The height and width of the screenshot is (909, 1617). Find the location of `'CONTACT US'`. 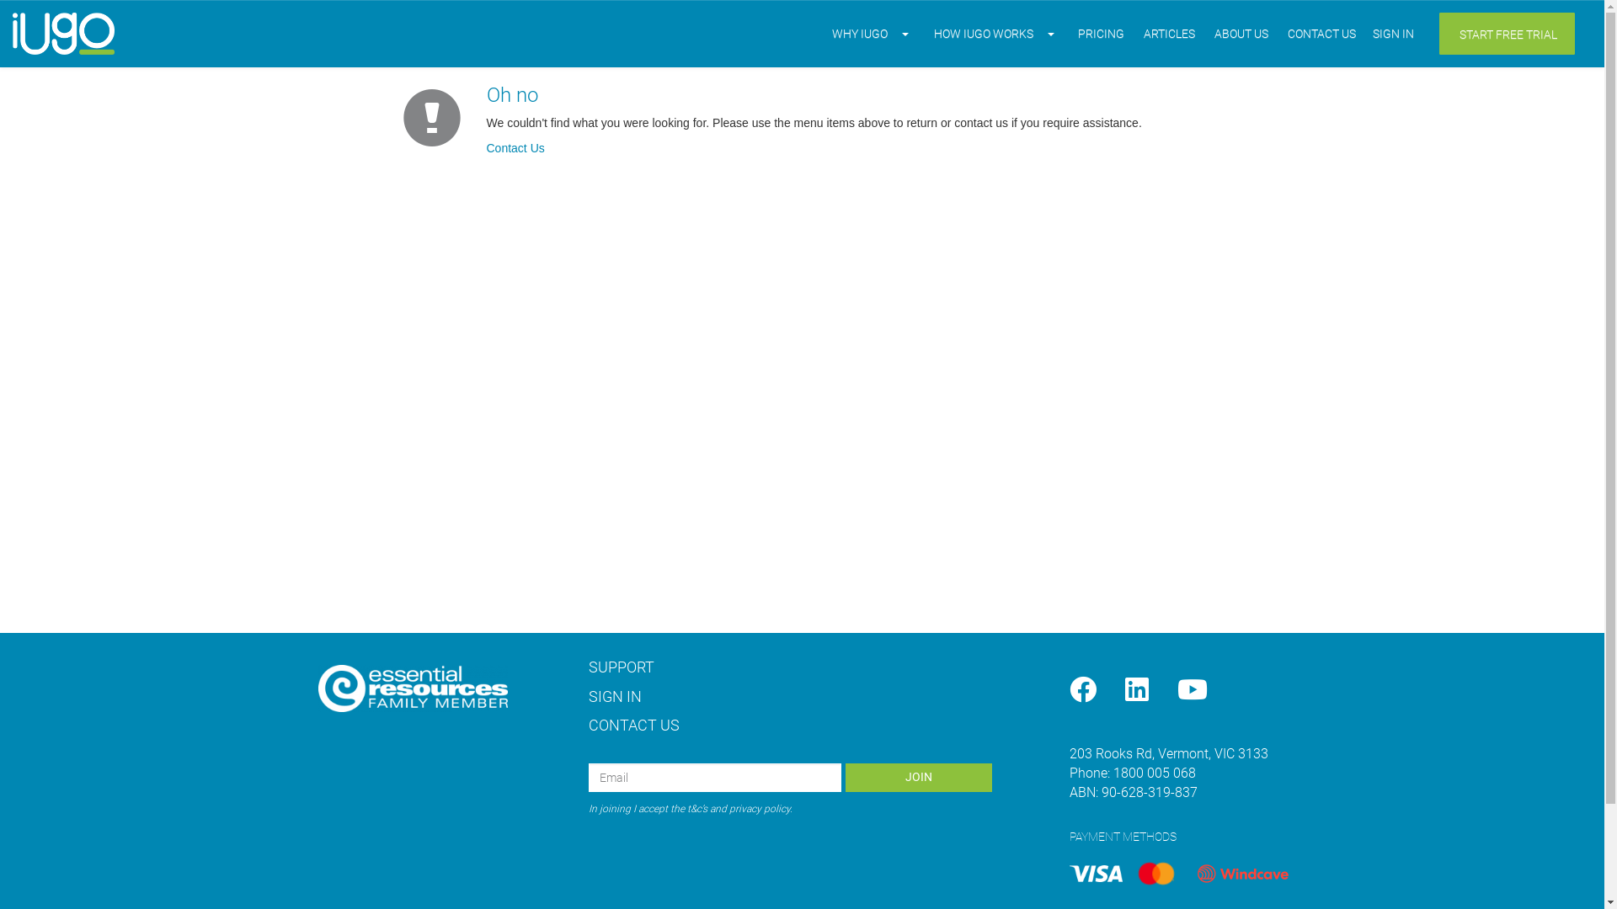

'CONTACT US' is located at coordinates (1321, 33).